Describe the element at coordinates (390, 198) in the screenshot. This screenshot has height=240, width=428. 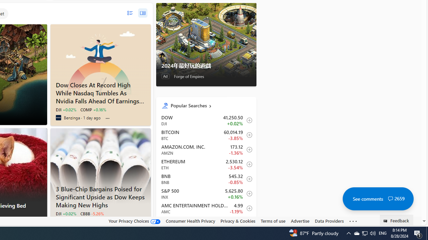
I see `'Class: cwt-icon-vector'` at that location.